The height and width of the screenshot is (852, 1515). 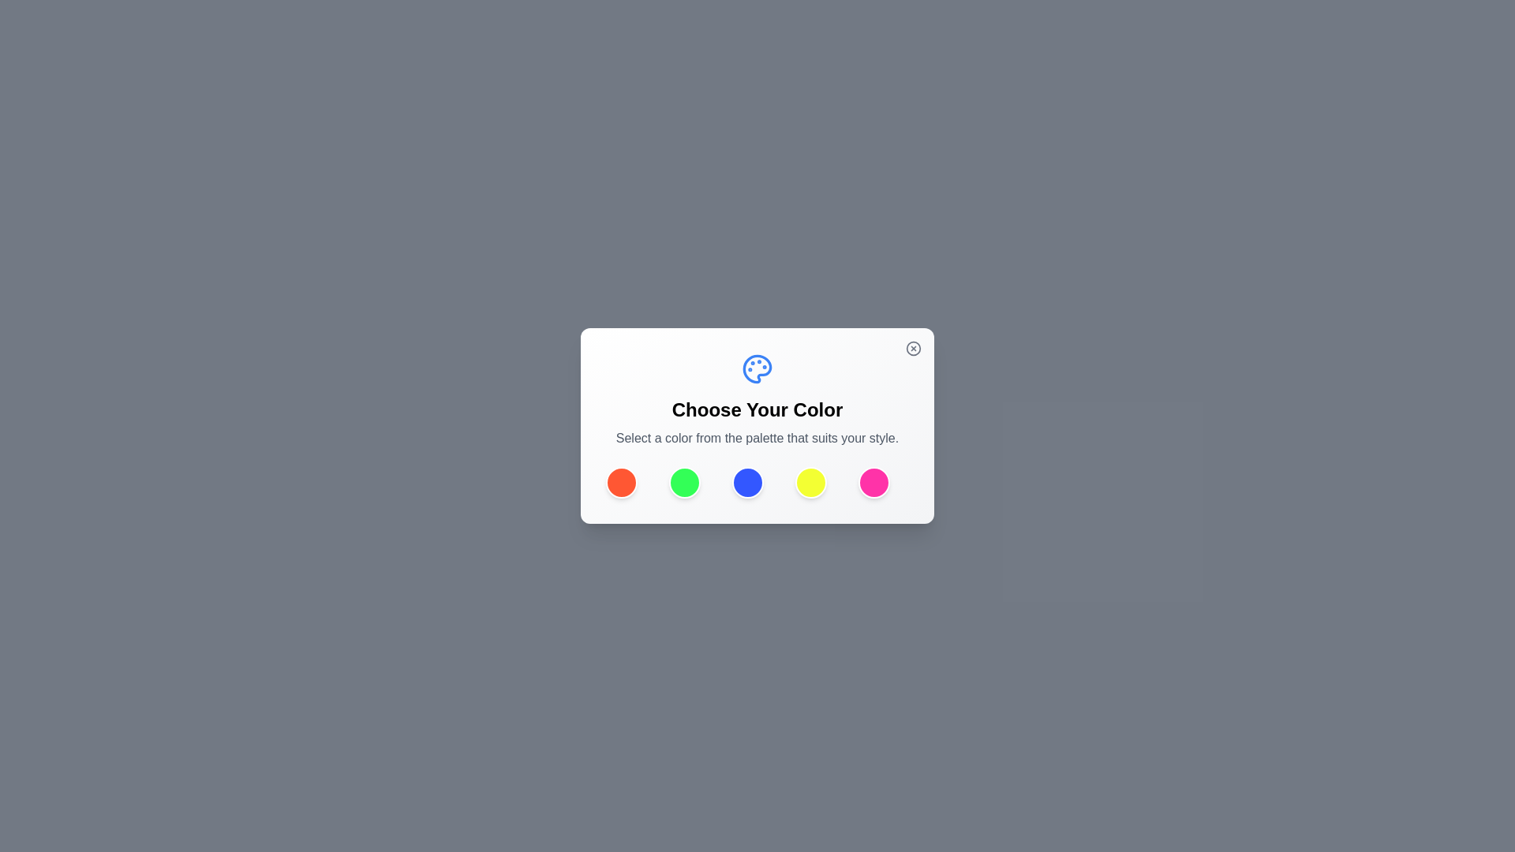 What do you see at coordinates (810, 482) in the screenshot?
I see `the color button corresponding to yellow` at bounding box center [810, 482].